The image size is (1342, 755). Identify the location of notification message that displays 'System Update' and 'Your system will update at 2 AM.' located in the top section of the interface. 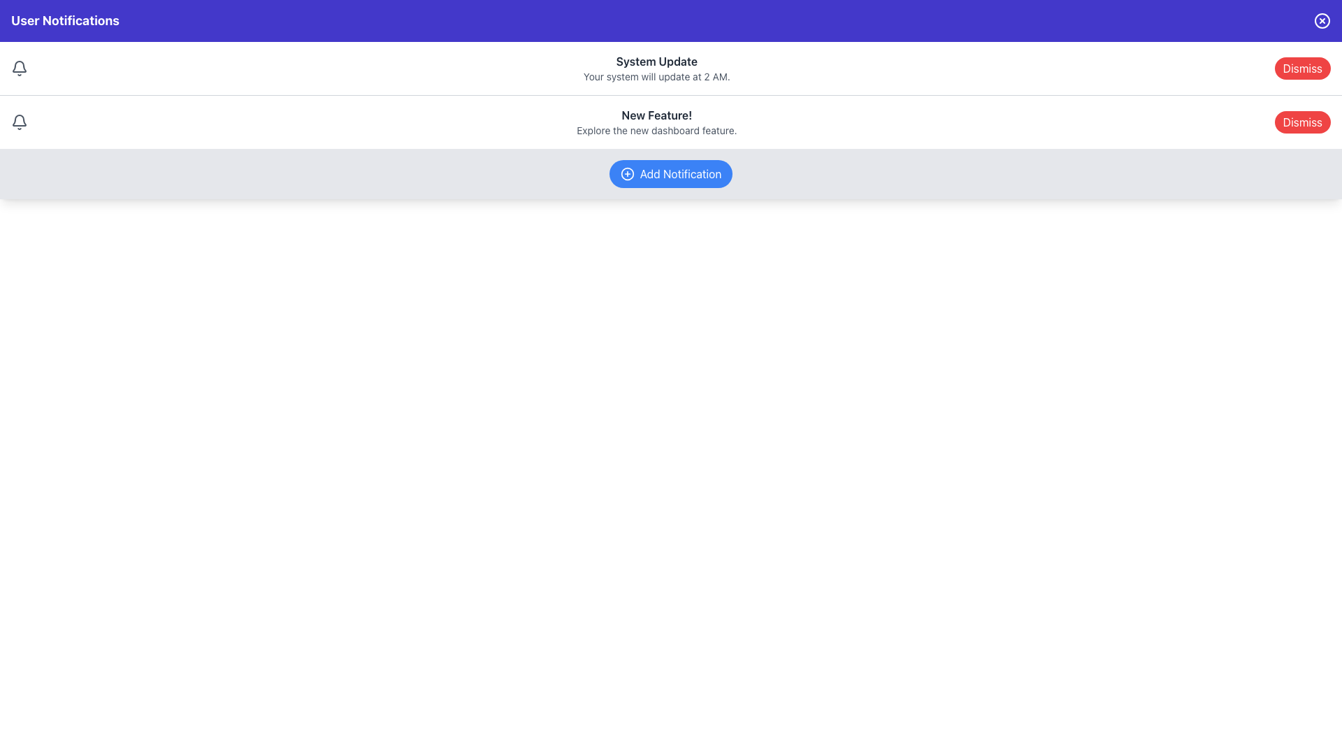
(656, 68).